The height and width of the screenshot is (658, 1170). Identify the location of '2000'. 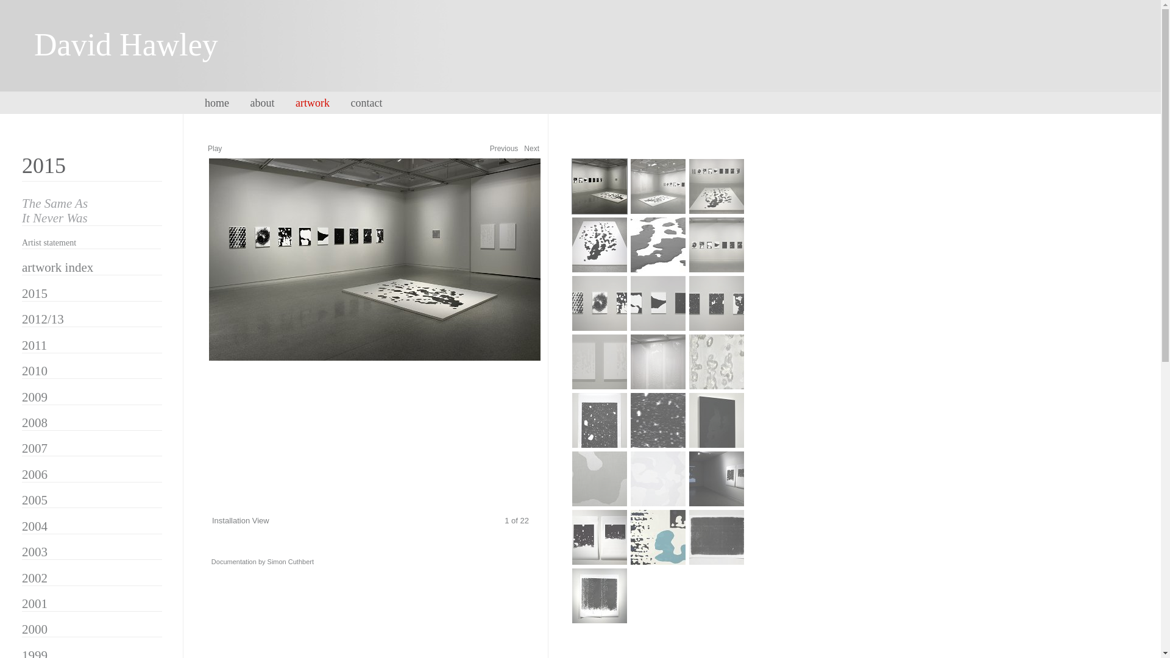
(35, 629).